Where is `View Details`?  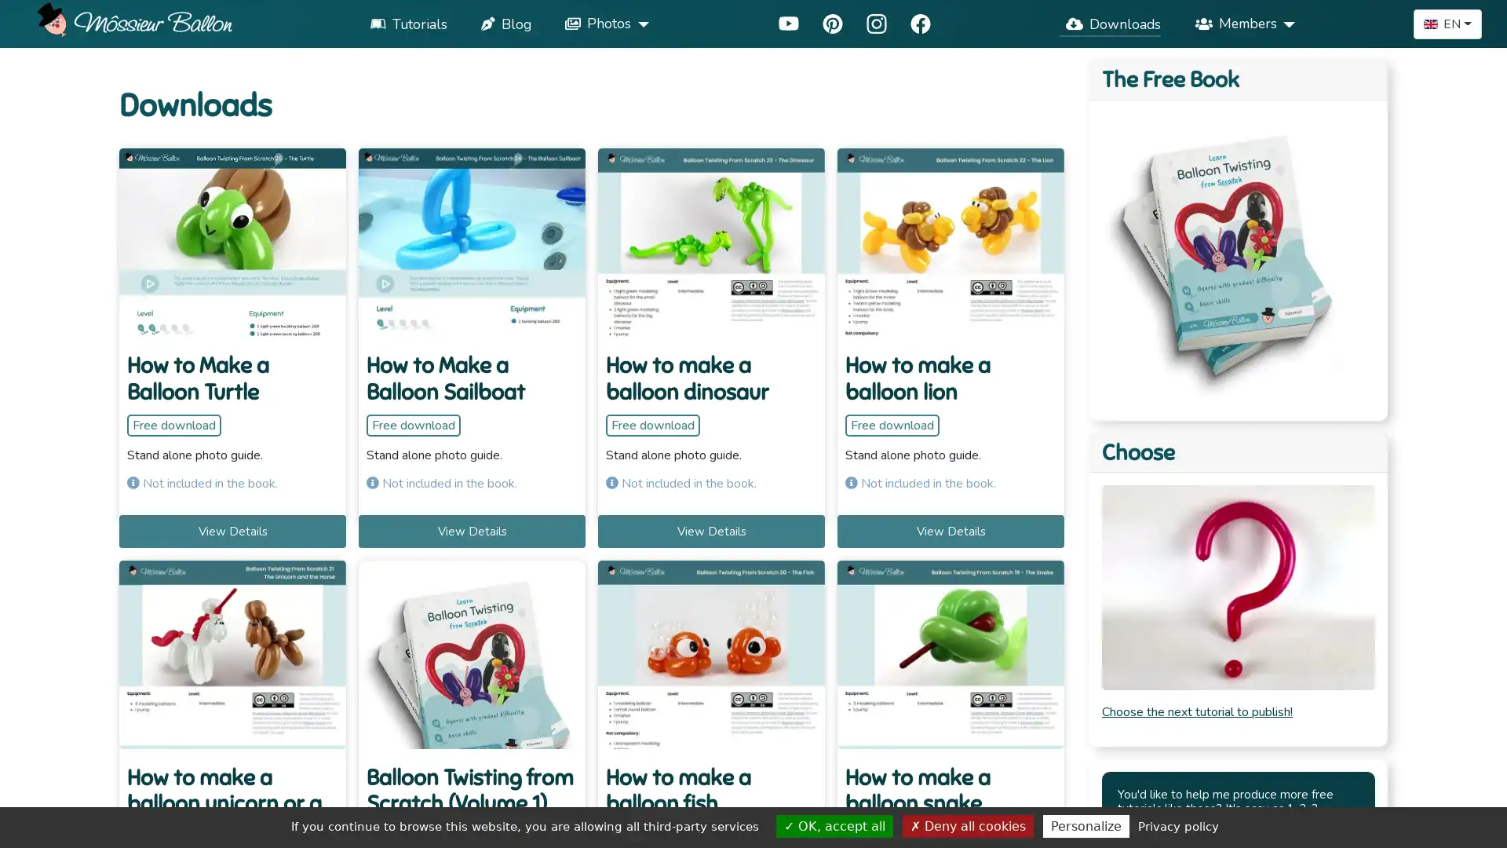
View Details is located at coordinates (471, 530).